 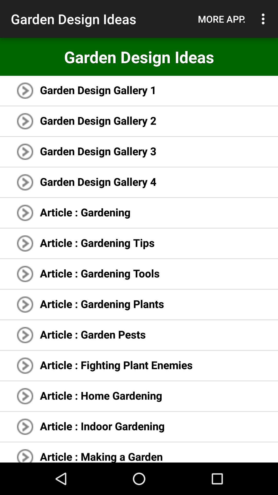 What do you see at coordinates (221, 19) in the screenshot?
I see `item to the right of the garden design ideas app` at bounding box center [221, 19].